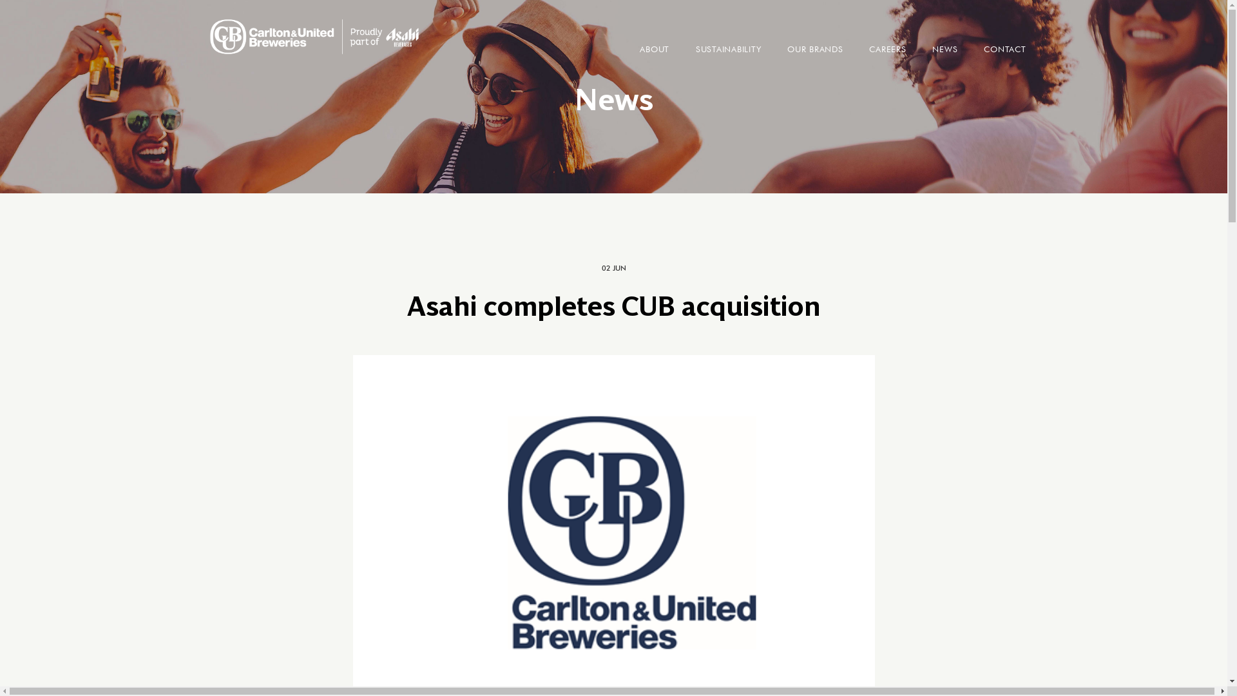  I want to click on 'OUR BRANDS', so click(814, 53).